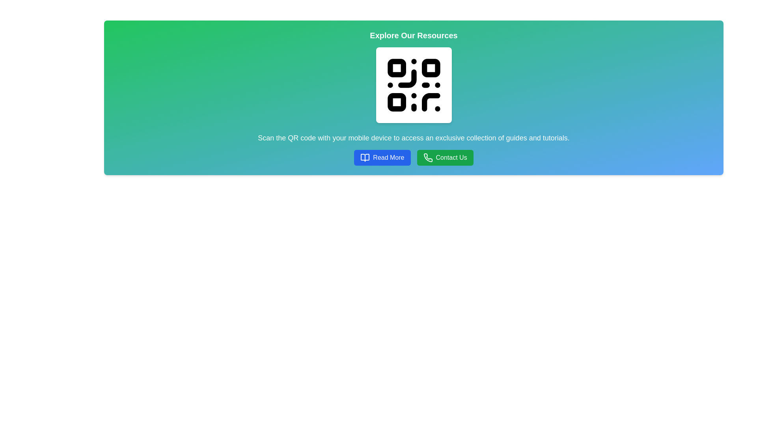  I want to click on the small icon inside the blue 'Read More' button, so click(365, 158).